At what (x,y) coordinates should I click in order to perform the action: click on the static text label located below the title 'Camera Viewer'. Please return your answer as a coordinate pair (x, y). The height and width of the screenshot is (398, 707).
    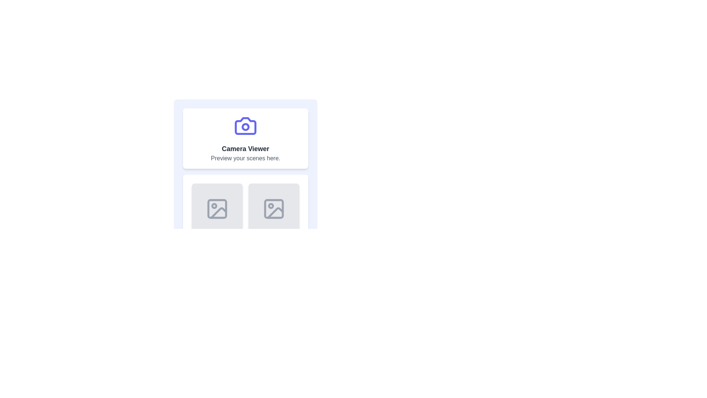
    Looking at the image, I should click on (246, 158).